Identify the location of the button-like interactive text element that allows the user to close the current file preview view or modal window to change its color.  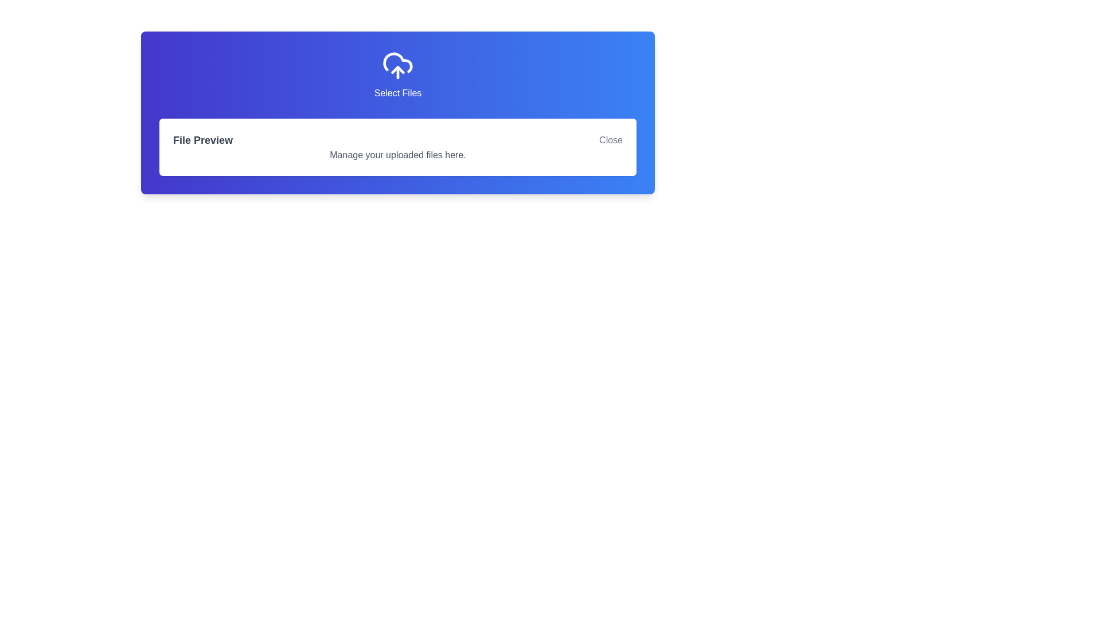
(610, 140).